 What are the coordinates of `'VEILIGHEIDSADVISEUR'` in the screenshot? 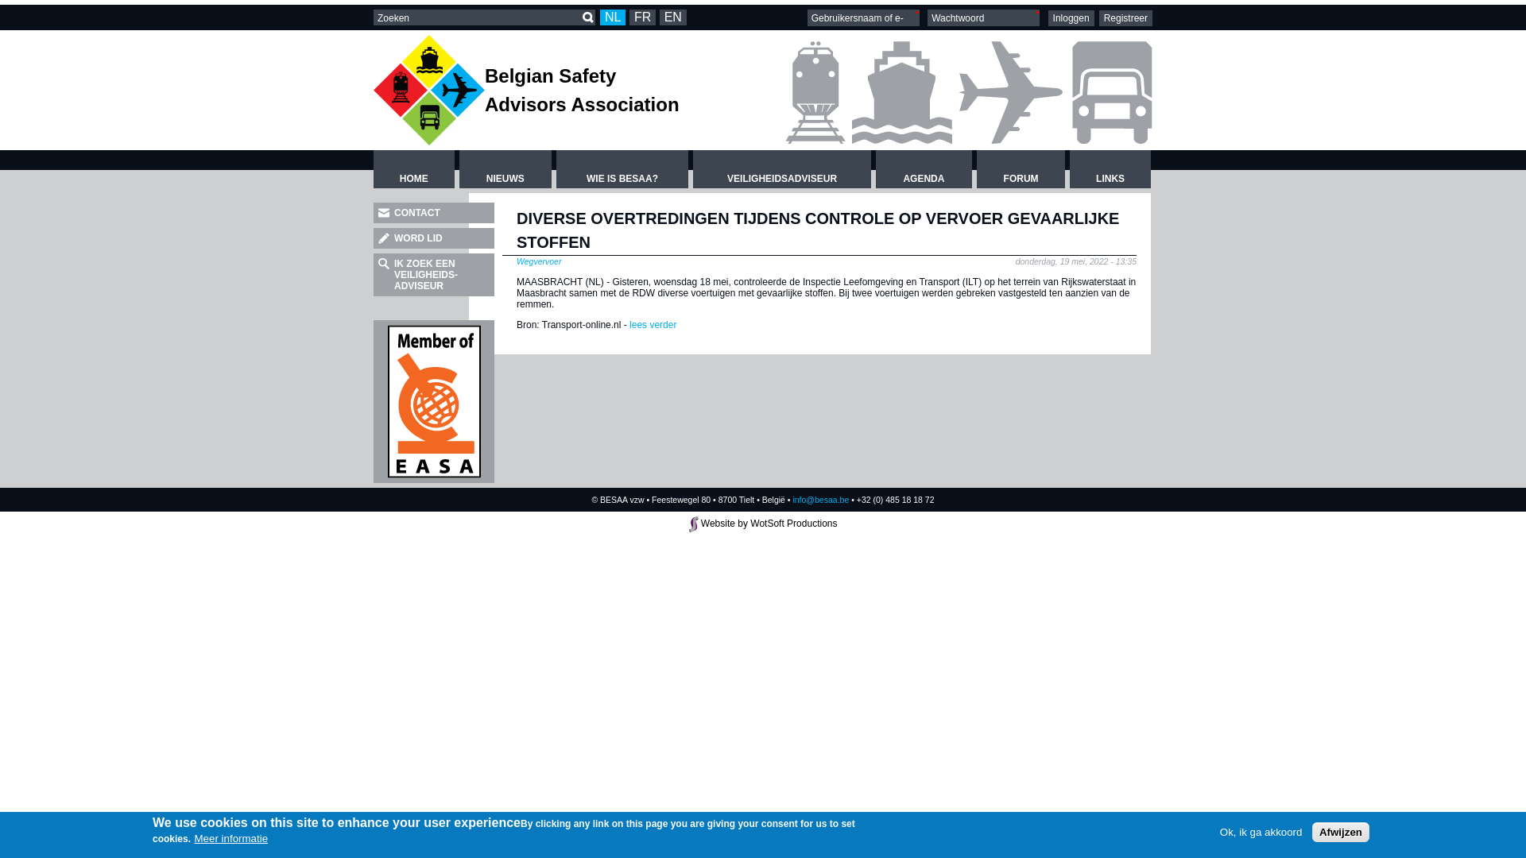 It's located at (781, 168).